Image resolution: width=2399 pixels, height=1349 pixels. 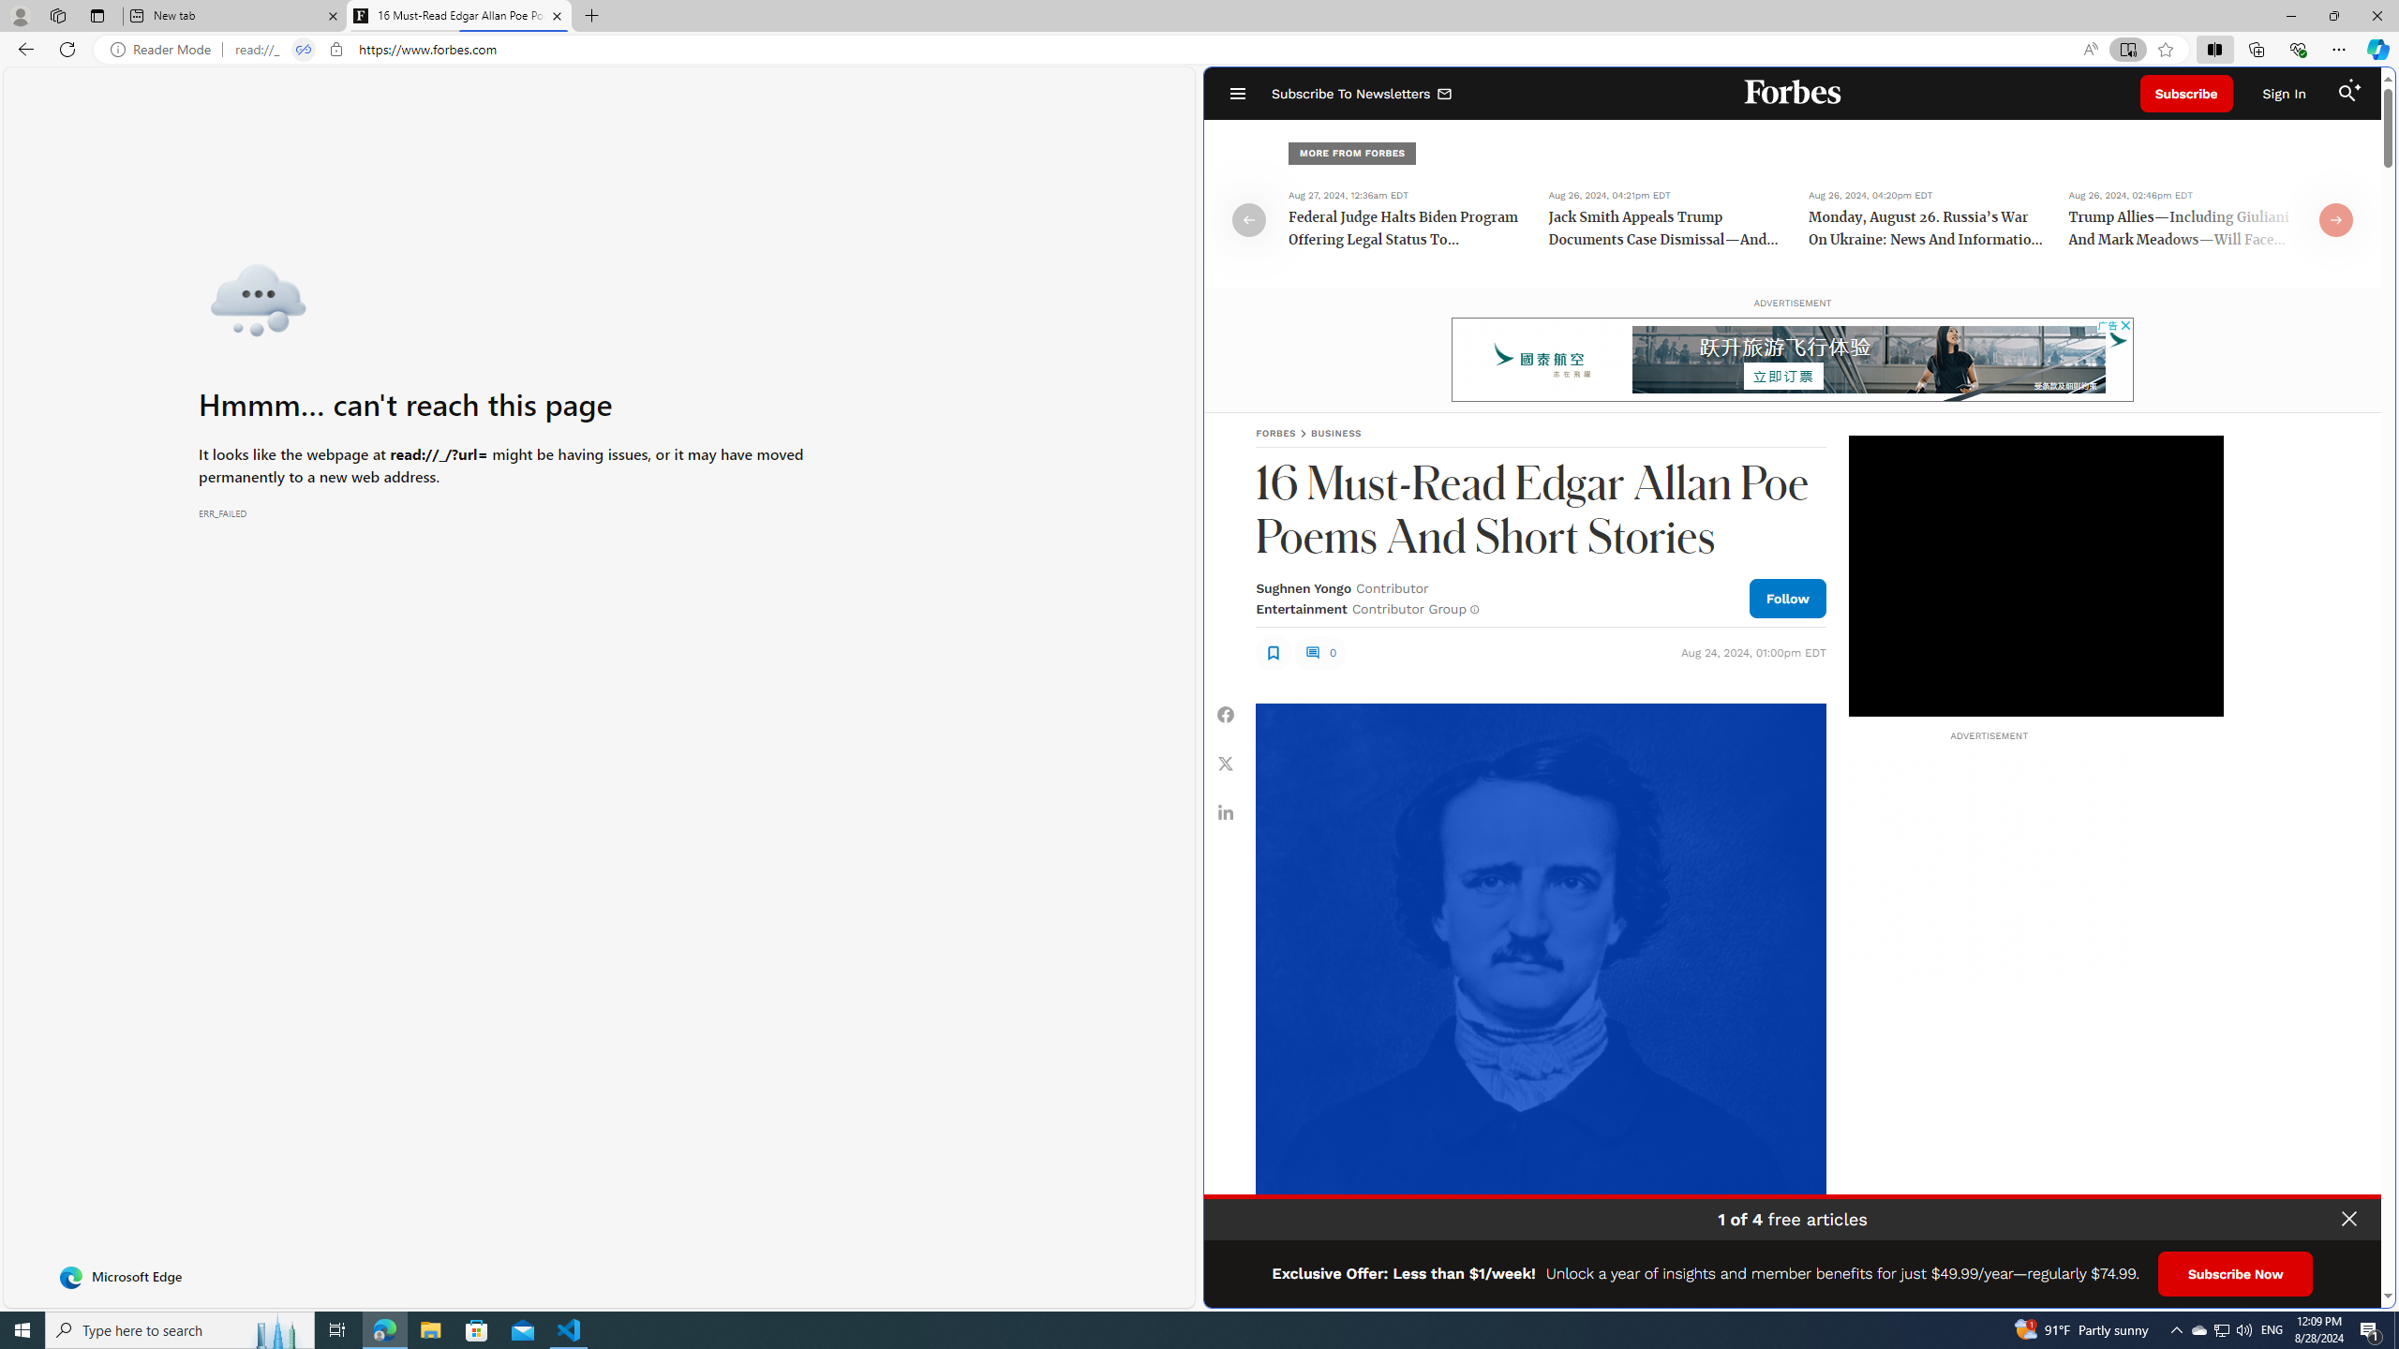 What do you see at coordinates (2346, 93) in the screenshot?
I see `'Class: search_svg__fs-icon search_svg__fs-icon--search'` at bounding box center [2346, 93].